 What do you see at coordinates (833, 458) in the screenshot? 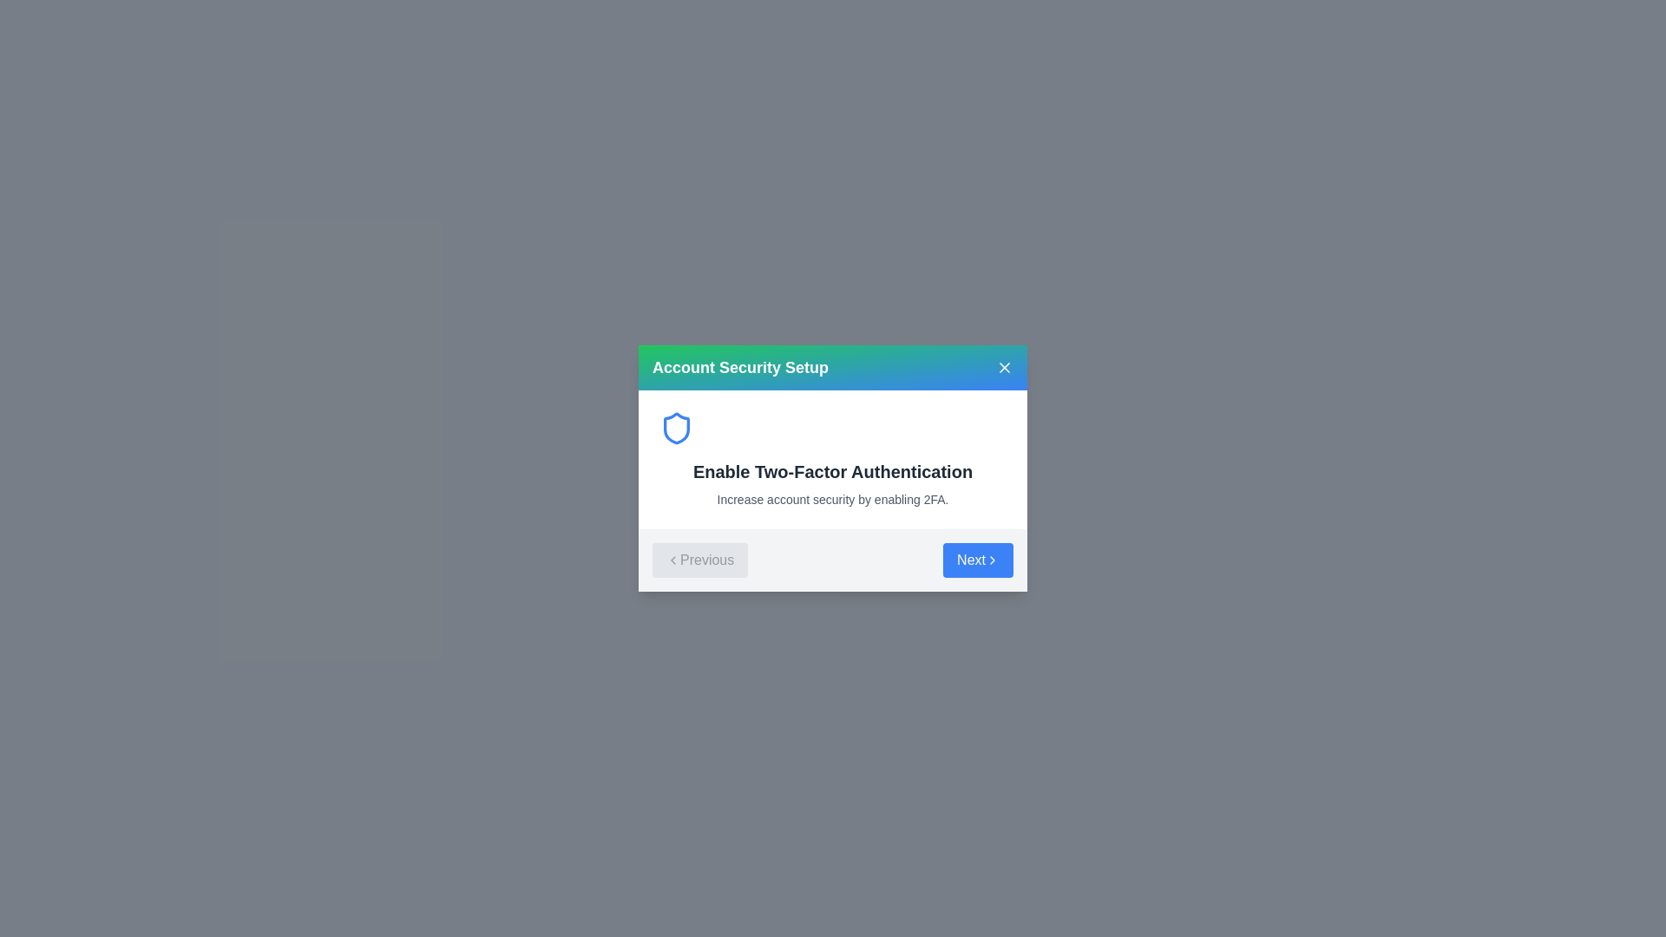
I see `informational content block titled 'Enable Two-Factor Authentication' which includes a blue shield icon, a bold heading, and a descriptive text about increasing account security` at bounding box center [833, 458].